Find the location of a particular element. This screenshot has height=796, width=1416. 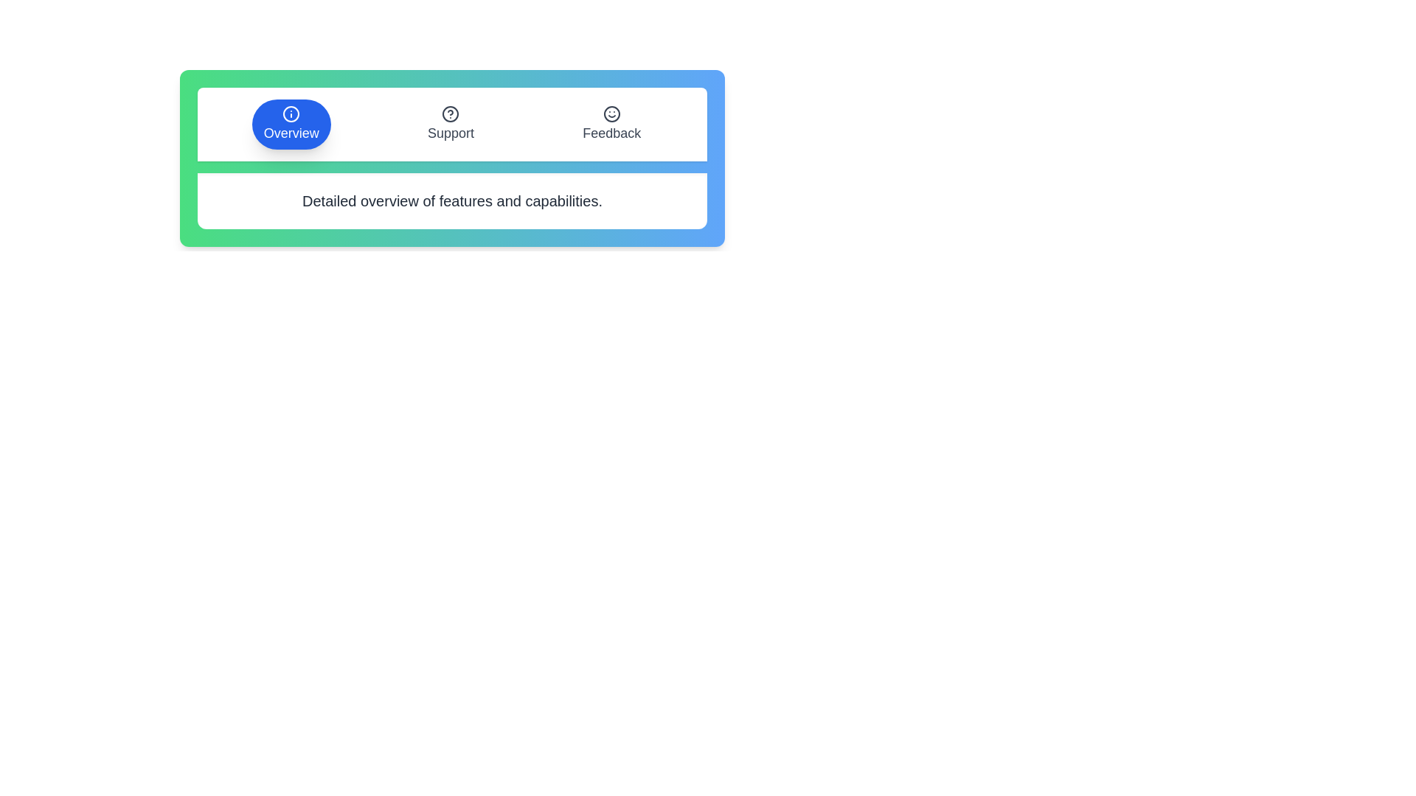

the tab labeled Overview to observe its hover effect is located at coordinates (291, 124).